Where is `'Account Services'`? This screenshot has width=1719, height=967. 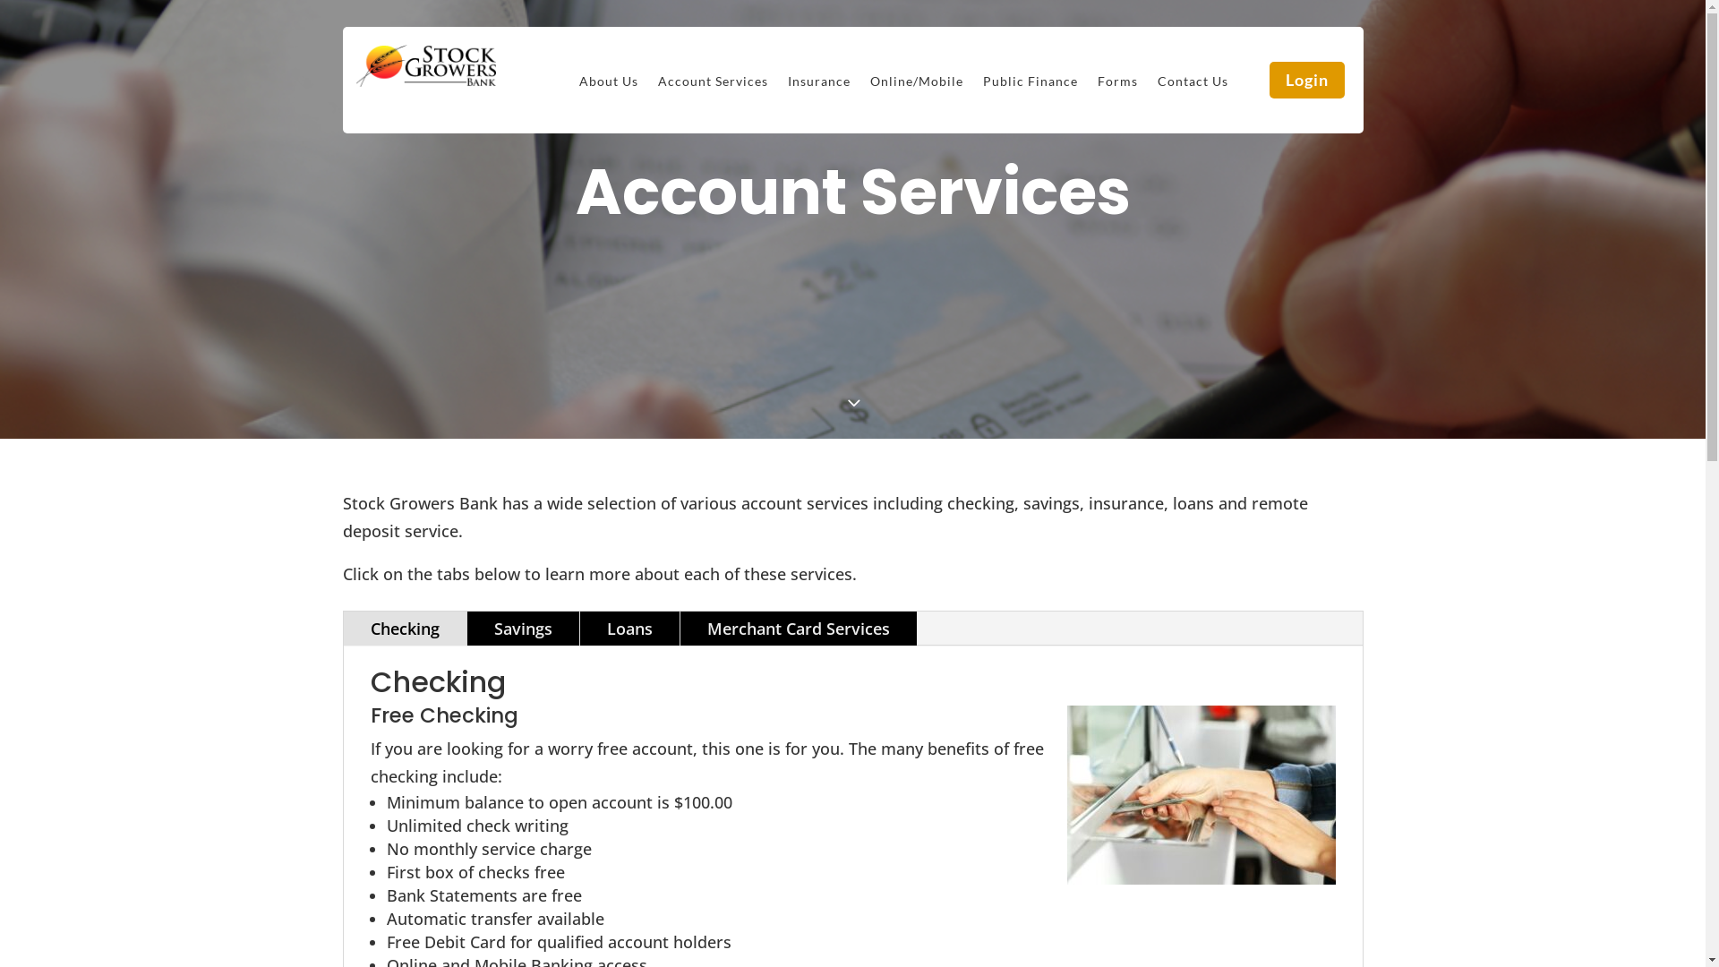
'Account Services' is located at coordinates (712, 85).